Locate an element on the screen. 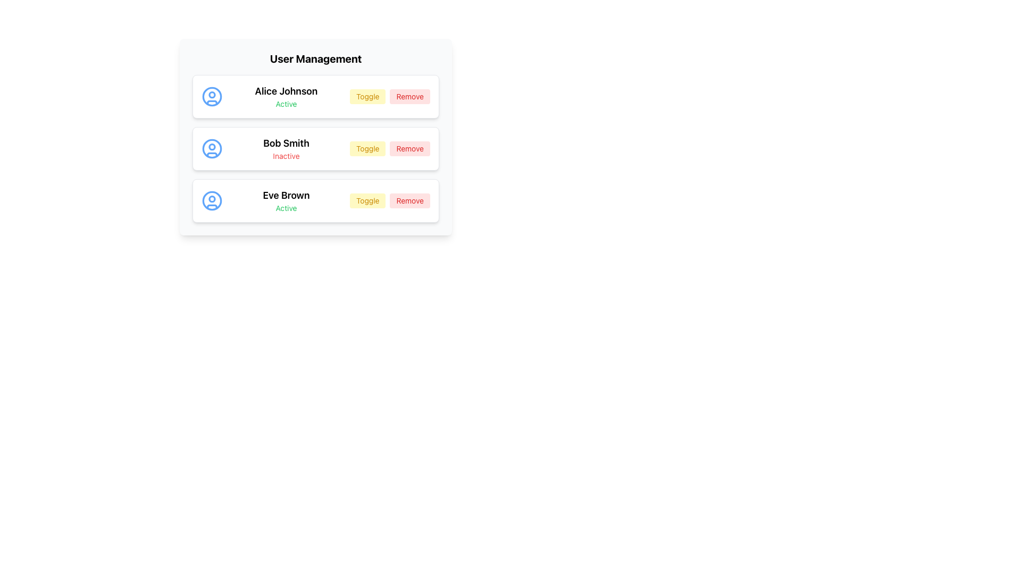 This screenshot has height=574, width=1021. the text label displaying the status 'Active' in green color, located beneath 'Eve Brown' in the User Management panel is located at coordinates (286, 208).